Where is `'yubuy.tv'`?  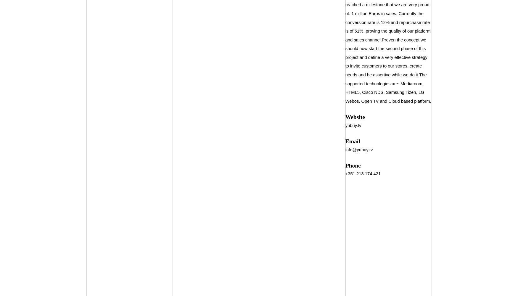 'yubuy.tv' is located at coordinates (353, 125).